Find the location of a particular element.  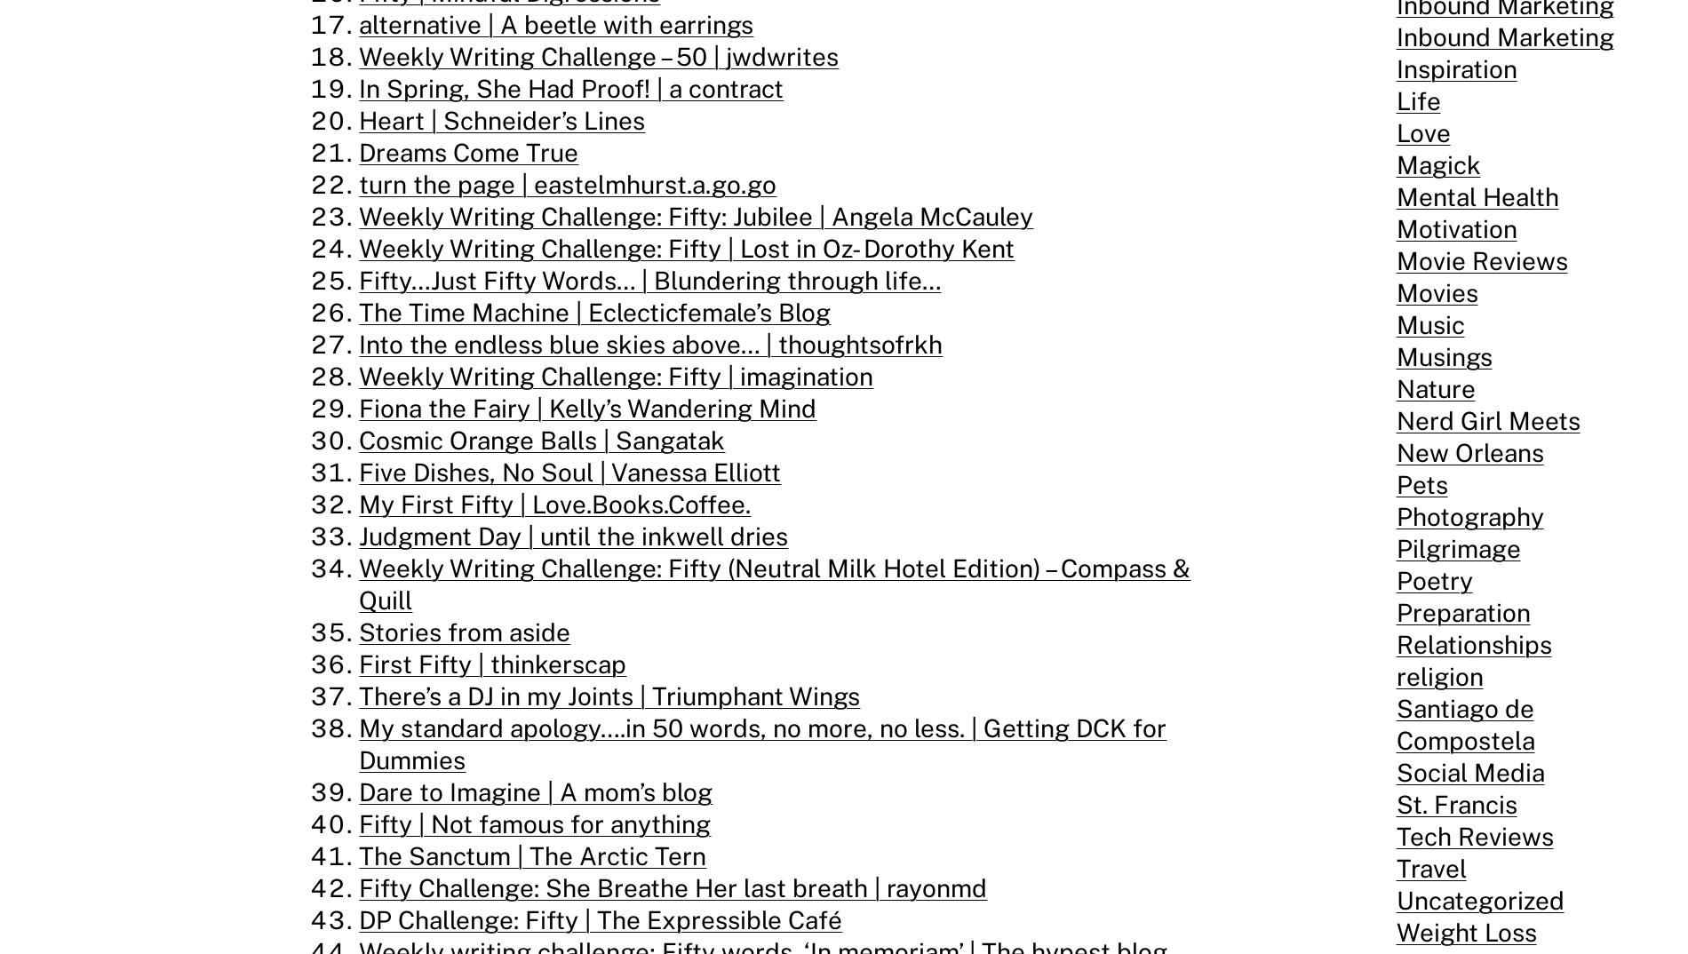

'Motivation' is located at coordinates (1455, 227).